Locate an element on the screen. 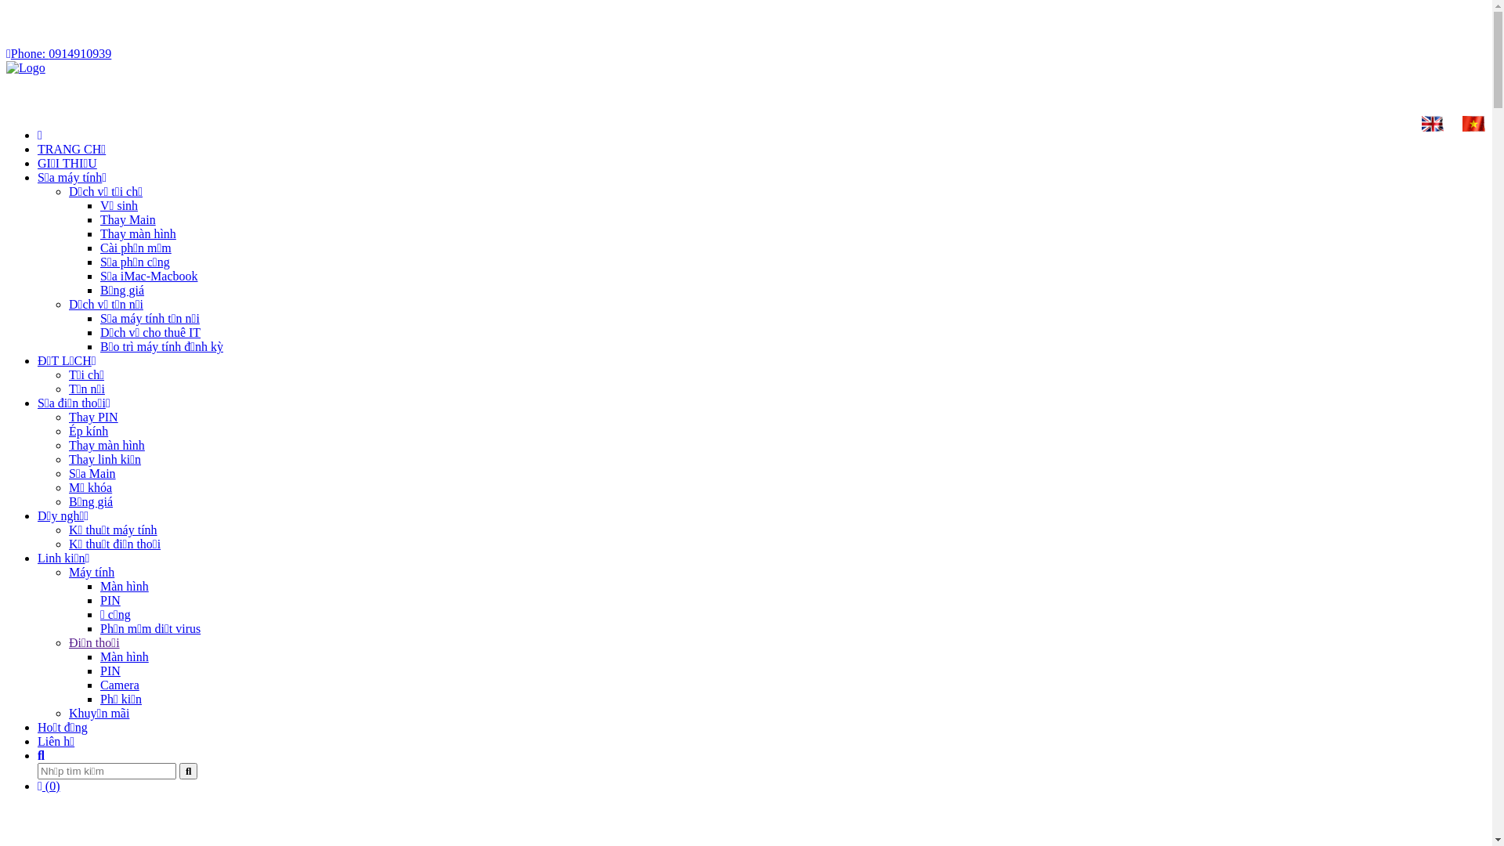  'Thay PIN' is located at coordinates (92, 416).